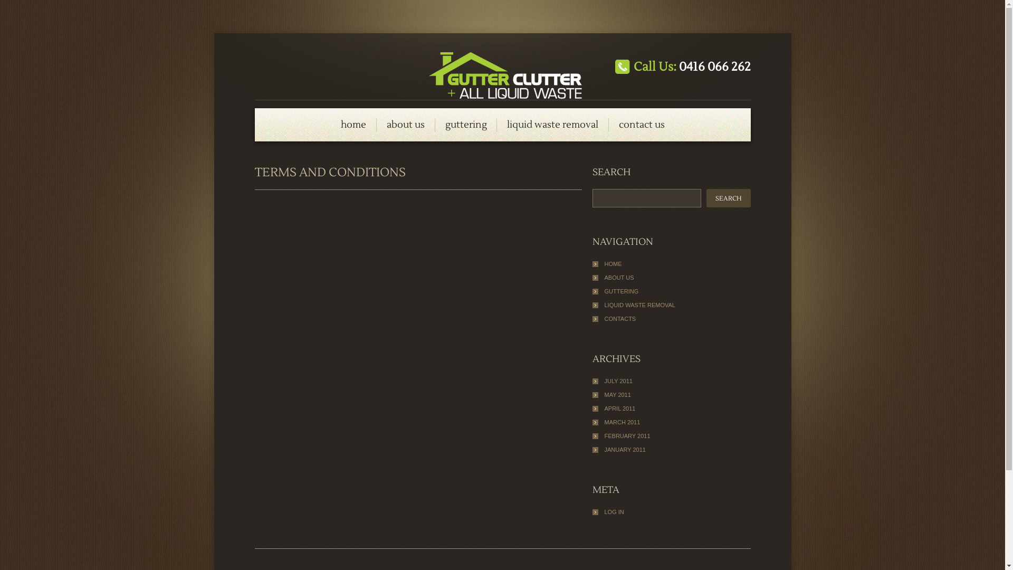 The width and height of the screenshot is (1013, 570). I want to click on 'JANUARY 2011', so click(625, 450).